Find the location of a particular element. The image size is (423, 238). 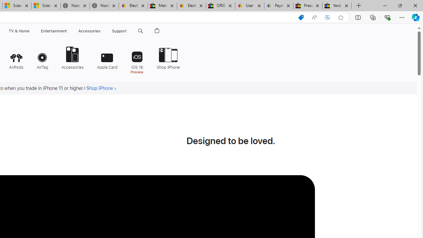

'iOS 18Preview' is located at coordinates (136, 59).